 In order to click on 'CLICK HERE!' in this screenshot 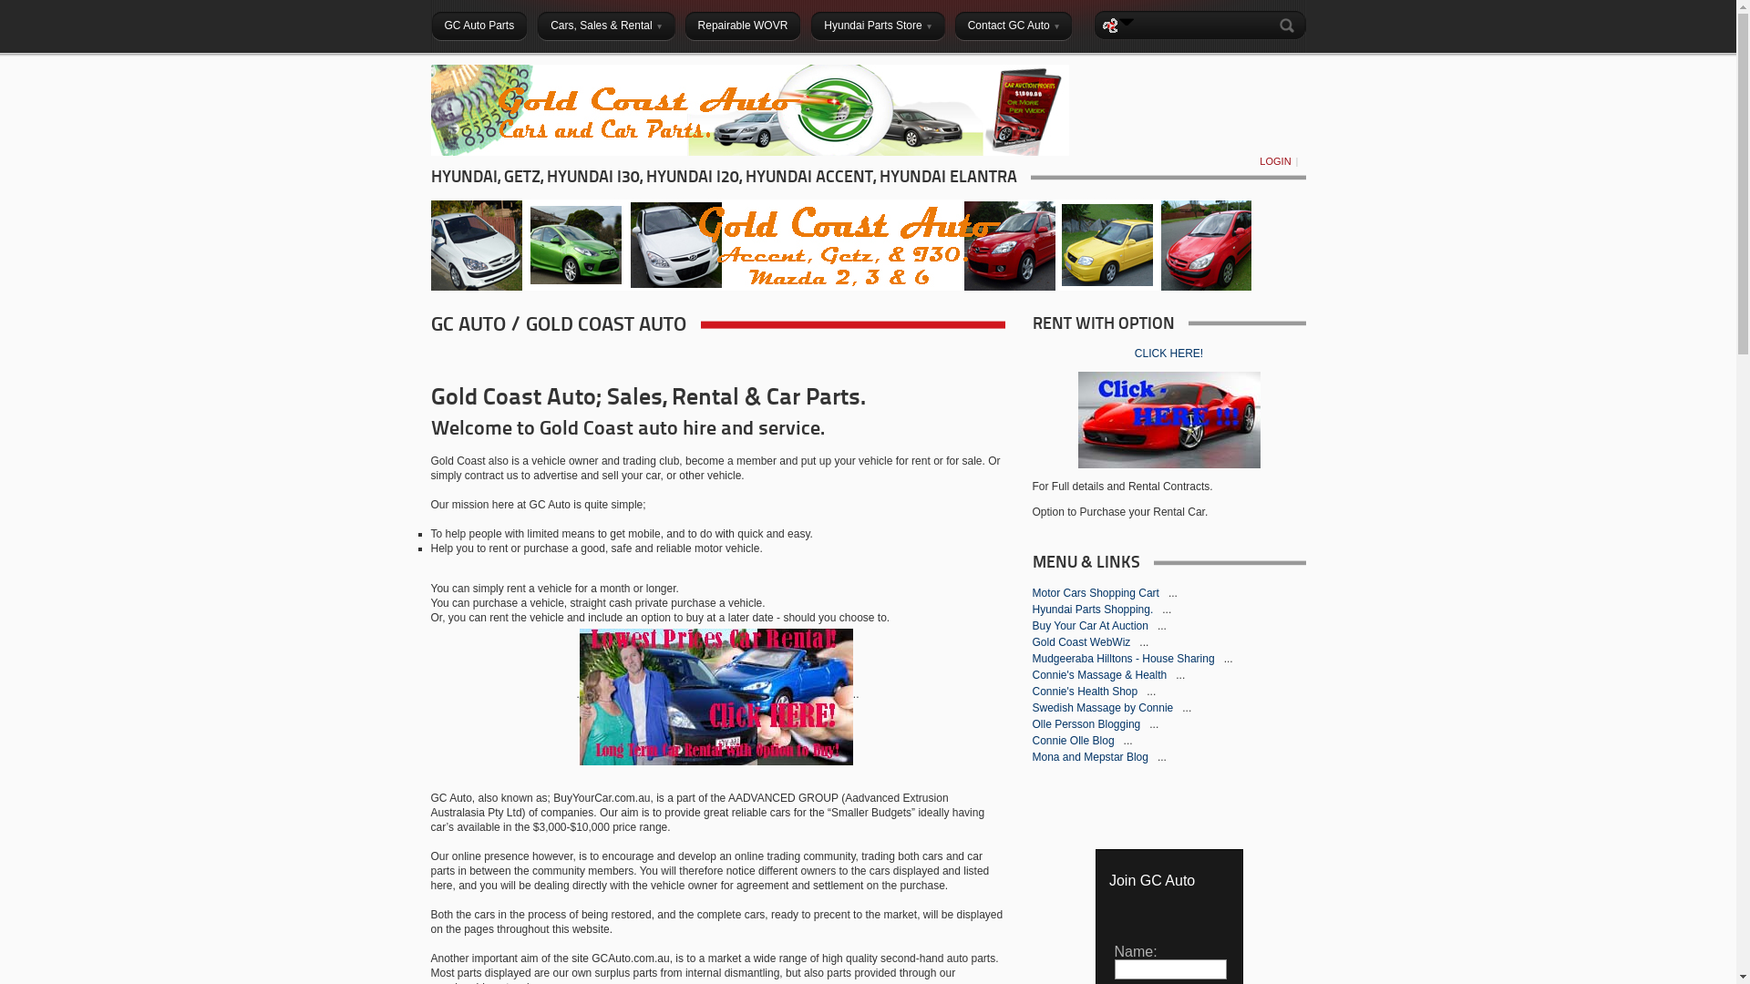, I will do `click(1168, 354)`.